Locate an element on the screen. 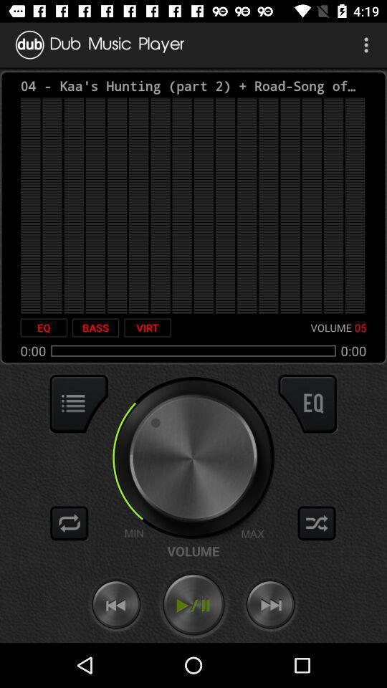 The width and height of the screenshot is (387, 688). the icon next to the  bass  item is located at coordinates (44, 328).